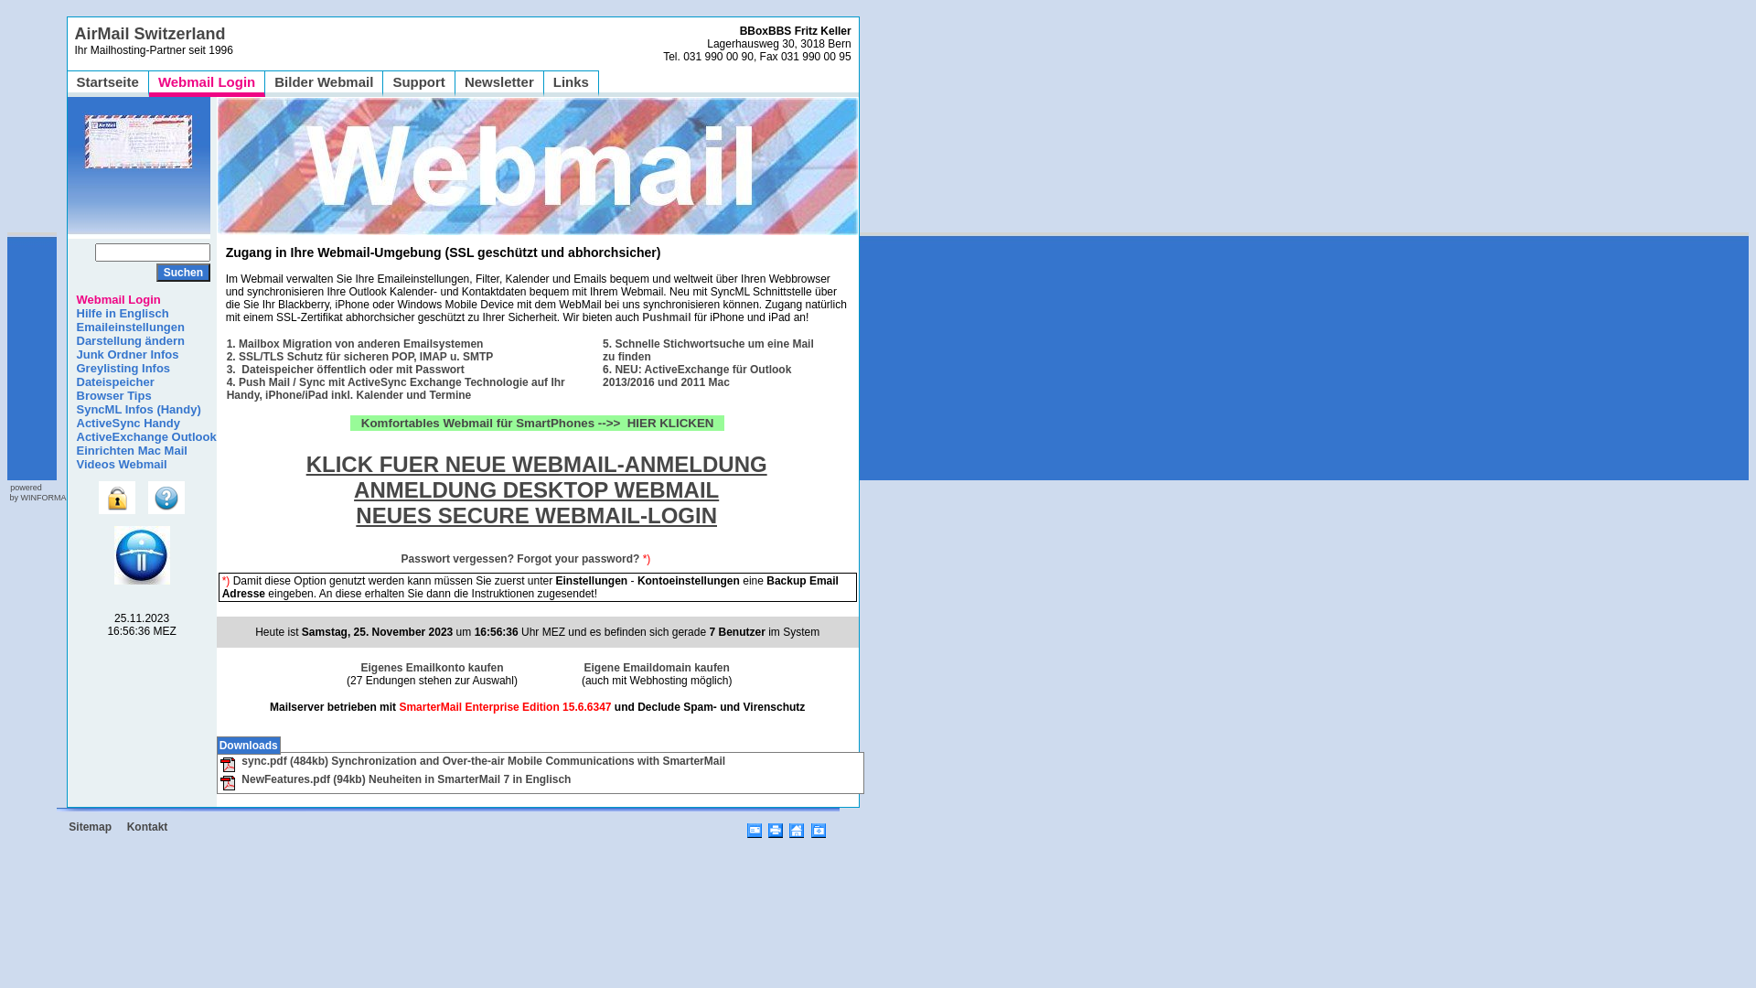  What do you see at coordinates (808, 826) in the screenshot?
I see `'Favoriten'` at bounding box center [808, 826].